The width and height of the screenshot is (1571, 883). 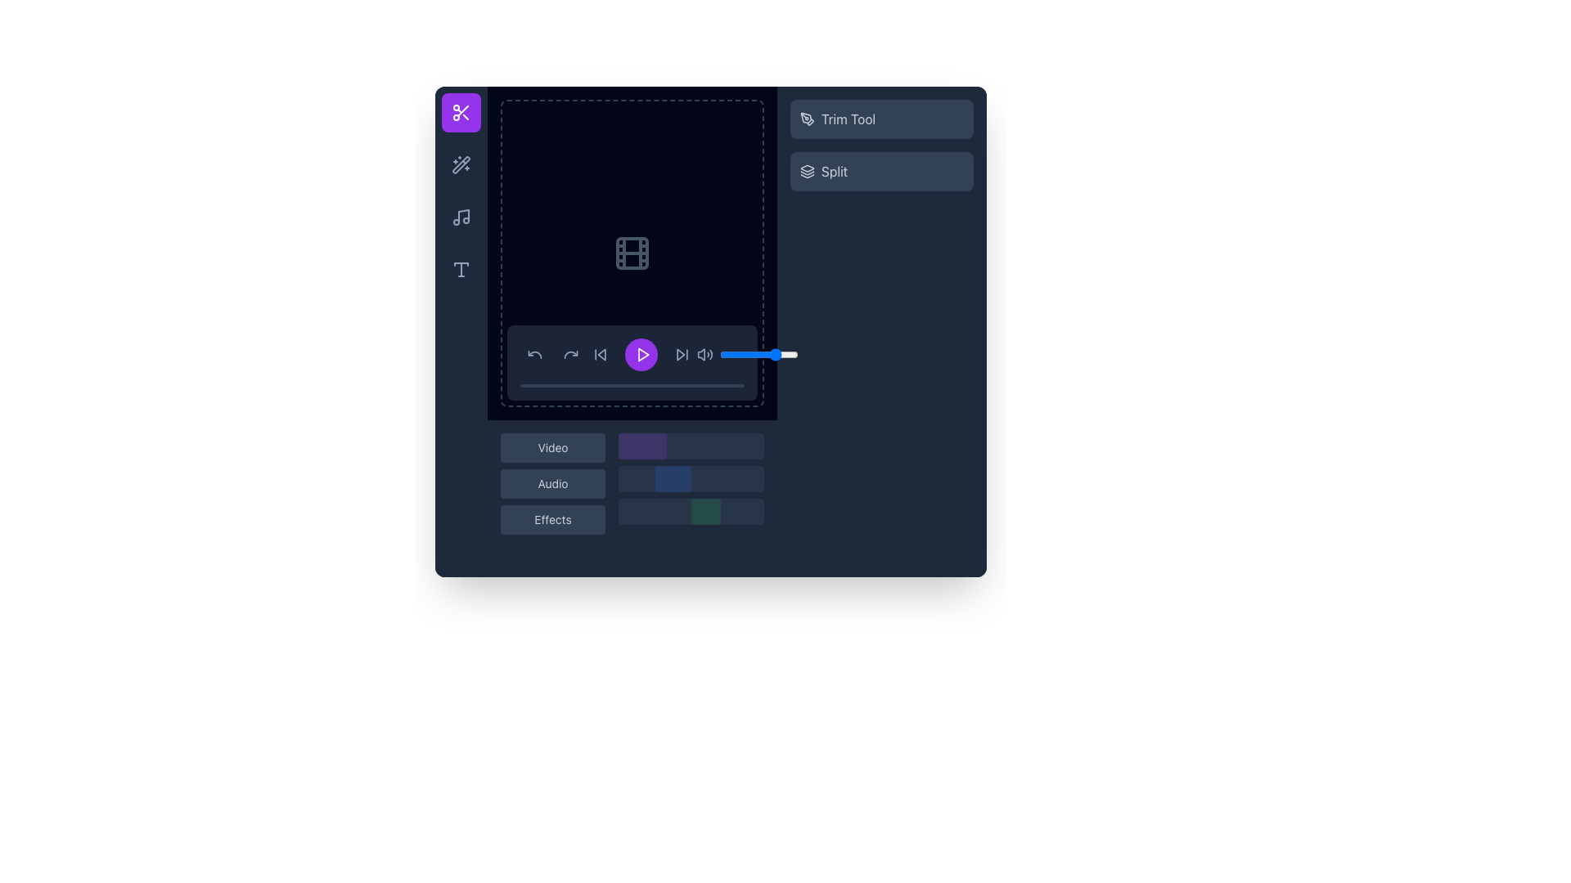 What do you see at coordinates (808, 119) in the screenshot?
I see `the 'Trim Tool' button, which contains a vector graphic icon on its left side` at bounding box center [808, 119].